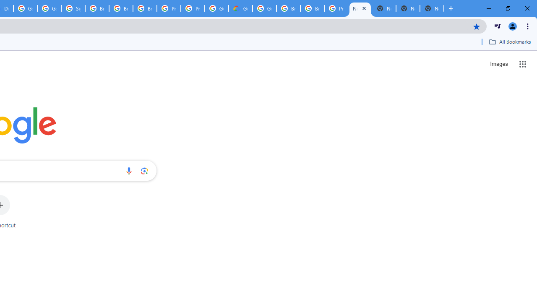 The image size is (537, 302). What do you see at coordinates (240, 8) in the screenshot?
I see `'Google Cloud Estimate Summary'` at bounding box center [240, 8].